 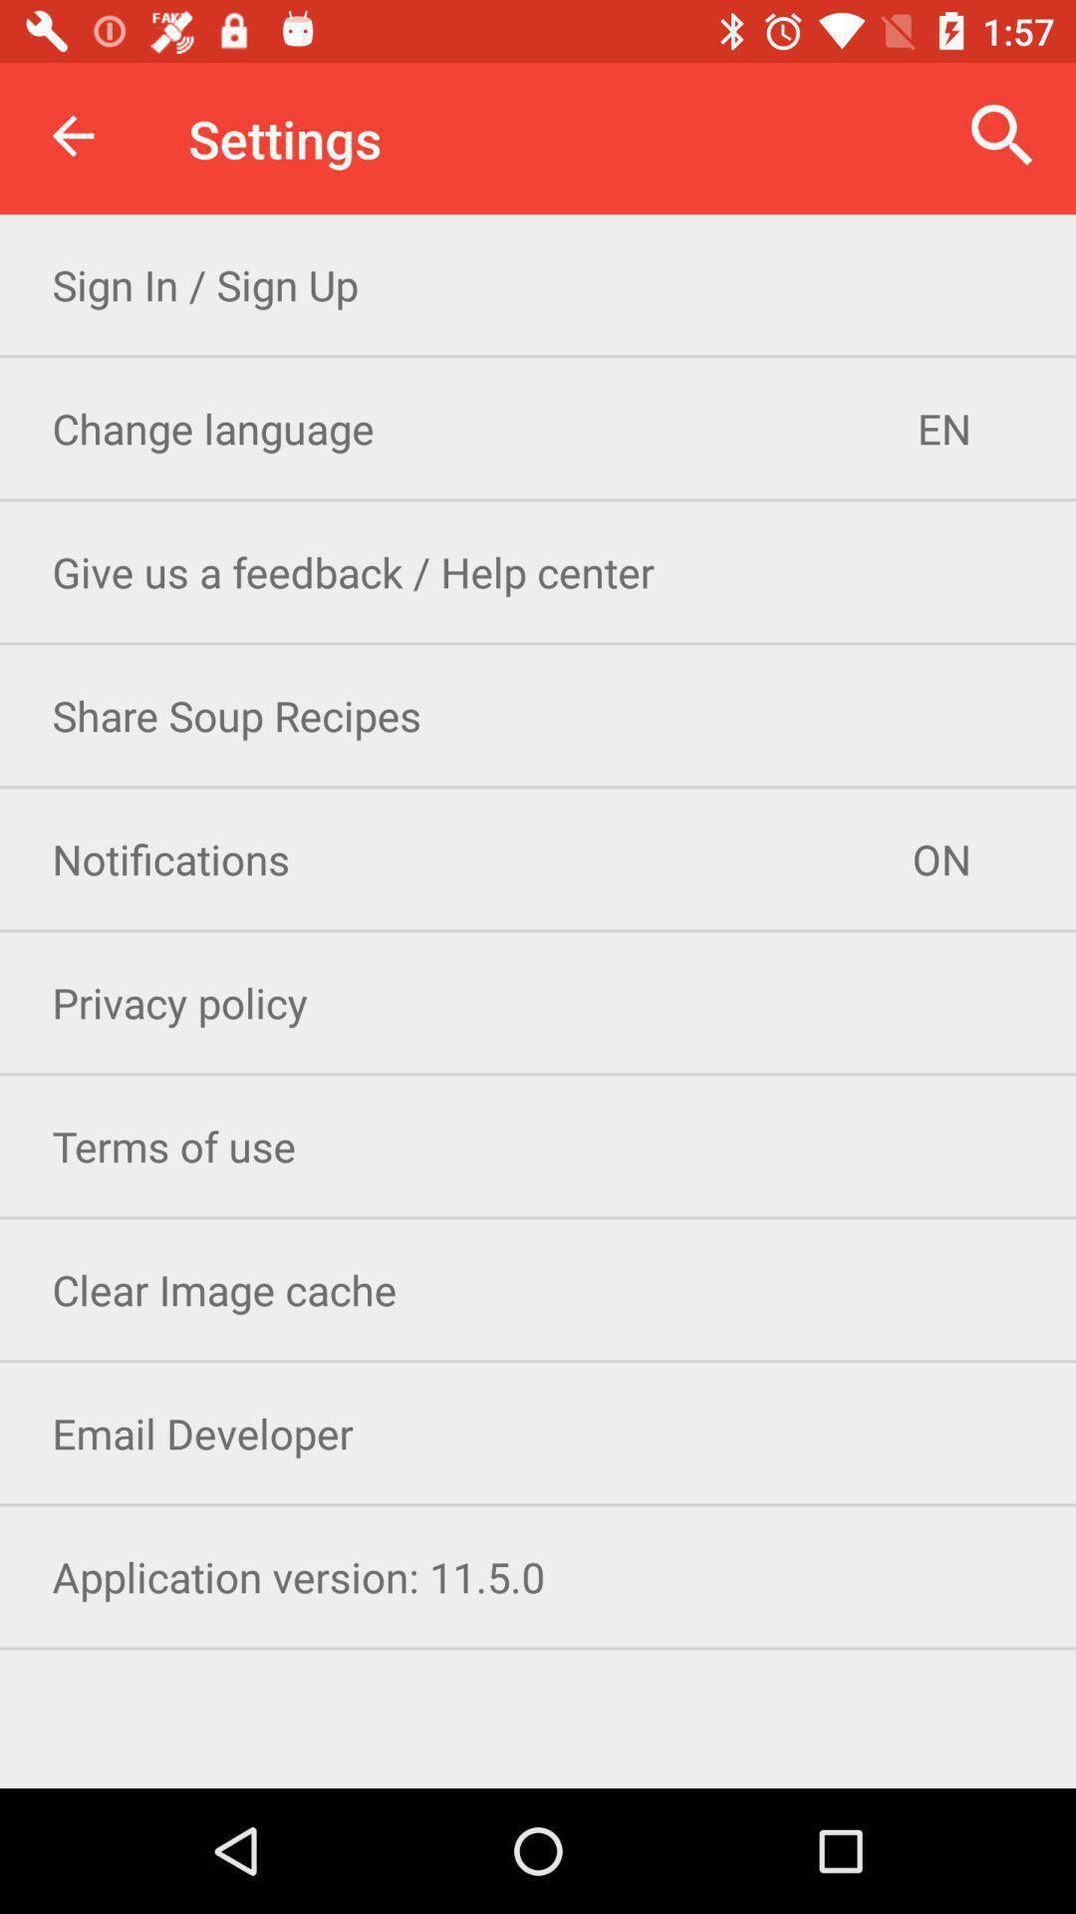 I want to click on the application version 11 icon, so click(x=538, y=1575).